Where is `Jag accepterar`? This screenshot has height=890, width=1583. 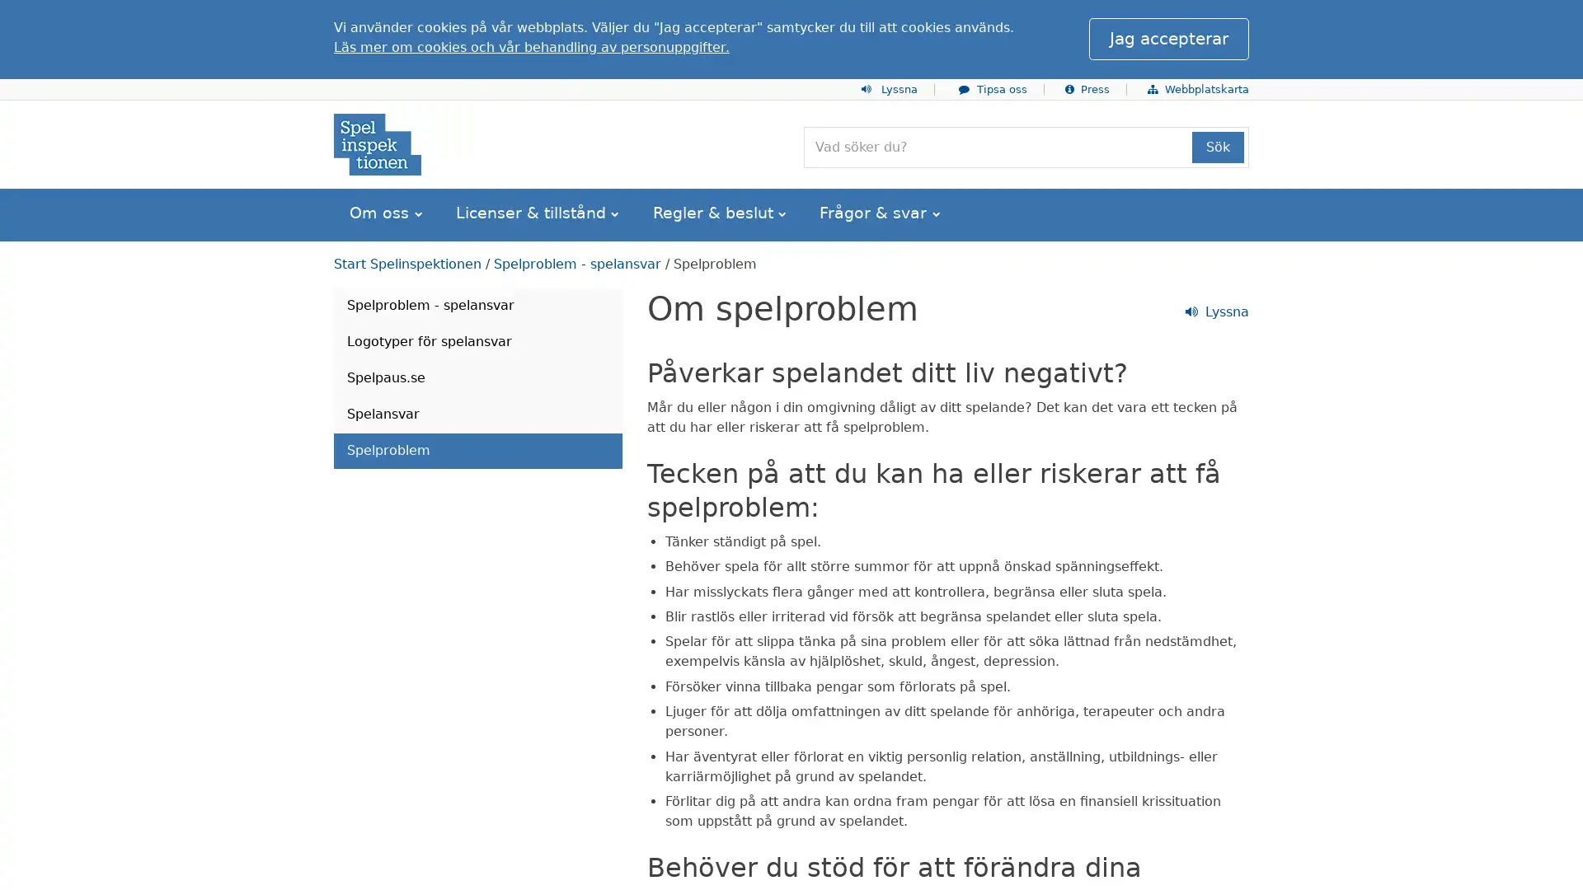 Jag accepterar is located at coordinates (1167, 38).